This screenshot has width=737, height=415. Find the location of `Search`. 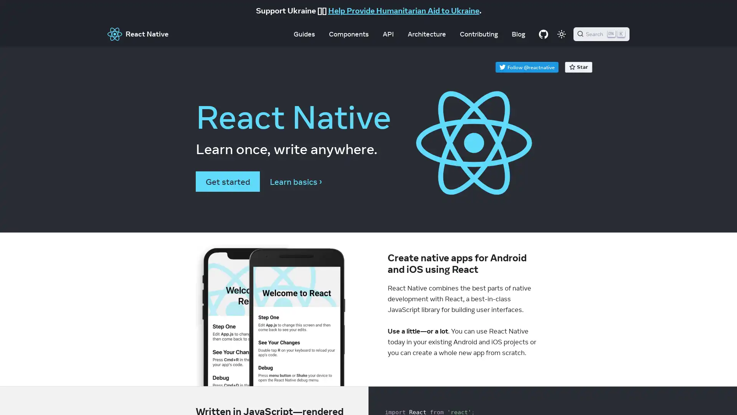

Search is located at coordinates (601, 33).